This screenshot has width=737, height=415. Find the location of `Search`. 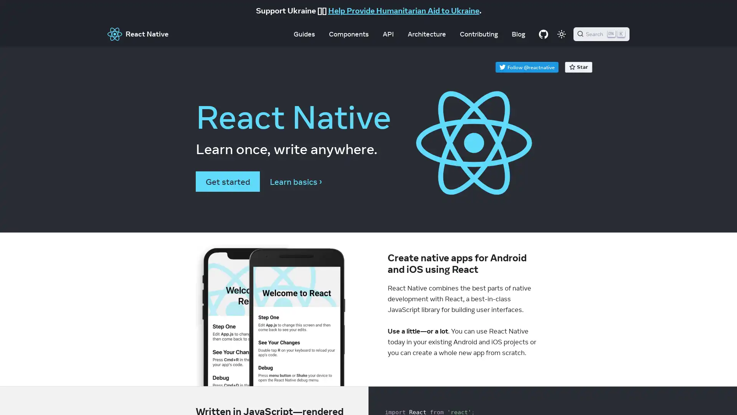

Search is located at coordinates (601, 33).